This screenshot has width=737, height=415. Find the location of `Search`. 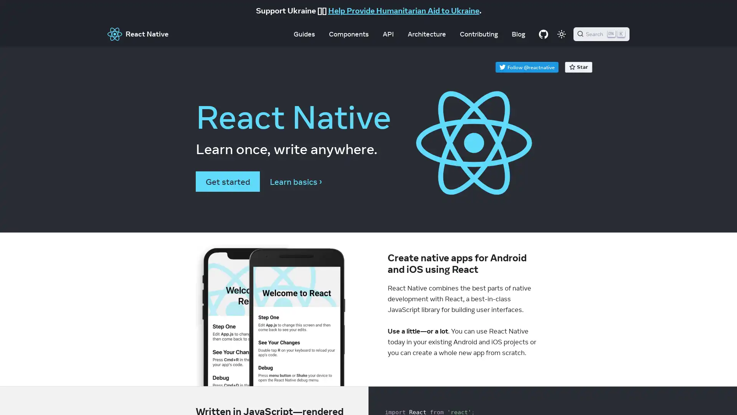

Search is located at coordinates (601, 33).